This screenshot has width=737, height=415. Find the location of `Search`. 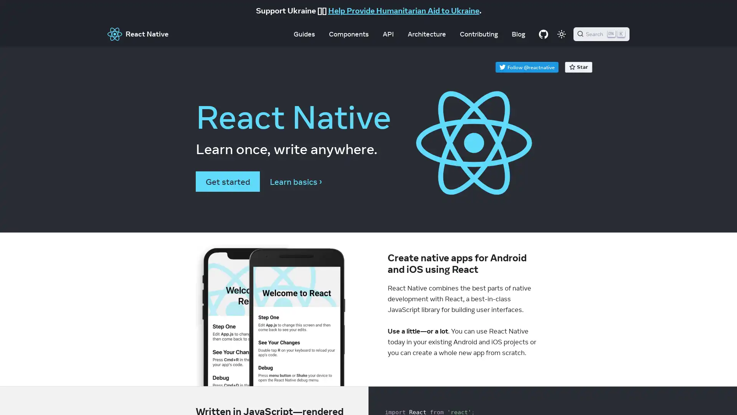

Search is located at coordinates (601, 33).